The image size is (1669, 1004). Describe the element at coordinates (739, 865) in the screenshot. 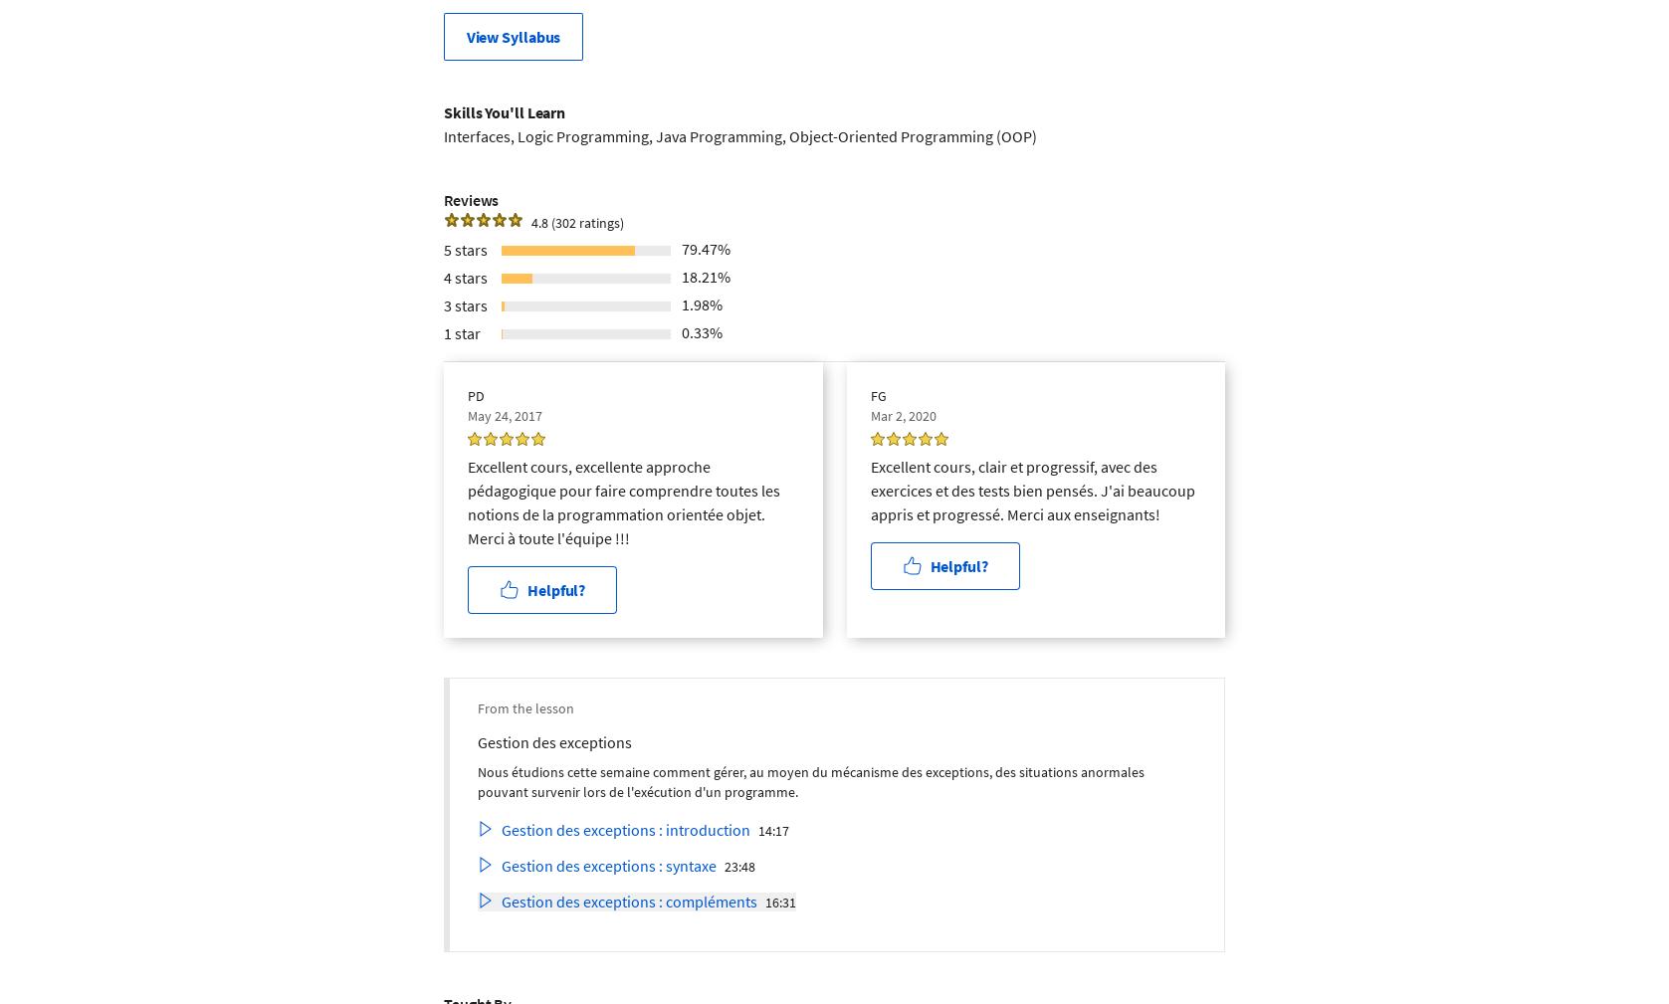

I see `'23:48'` at that location.